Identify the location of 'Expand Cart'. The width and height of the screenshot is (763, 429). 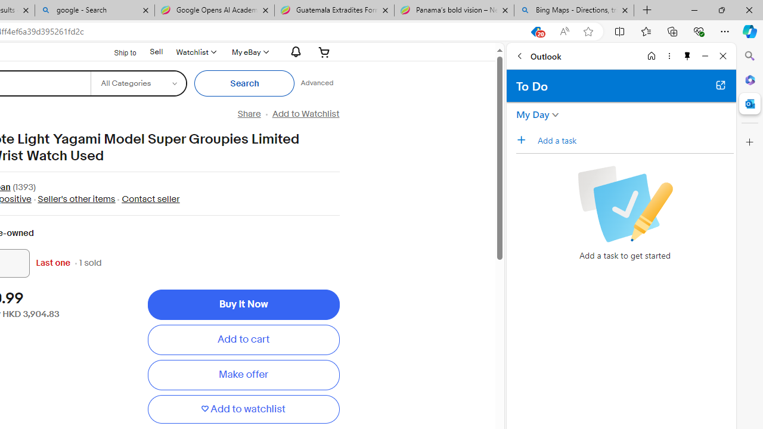
(324, 51).